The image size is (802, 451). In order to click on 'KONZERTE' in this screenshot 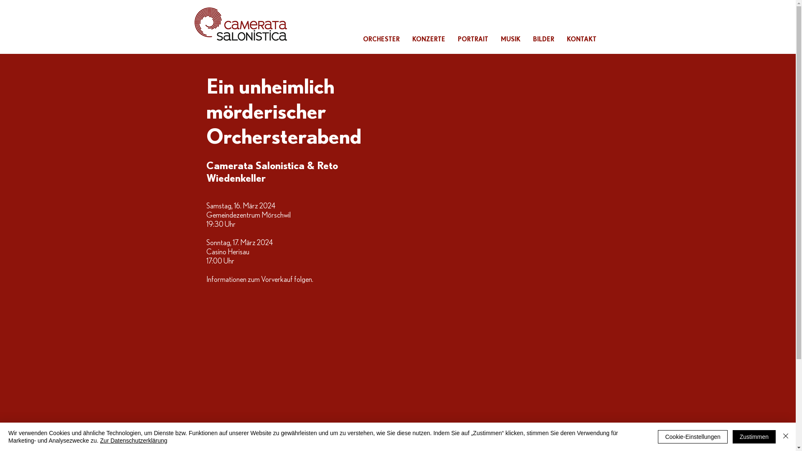, I will do `click(429, 39)`.